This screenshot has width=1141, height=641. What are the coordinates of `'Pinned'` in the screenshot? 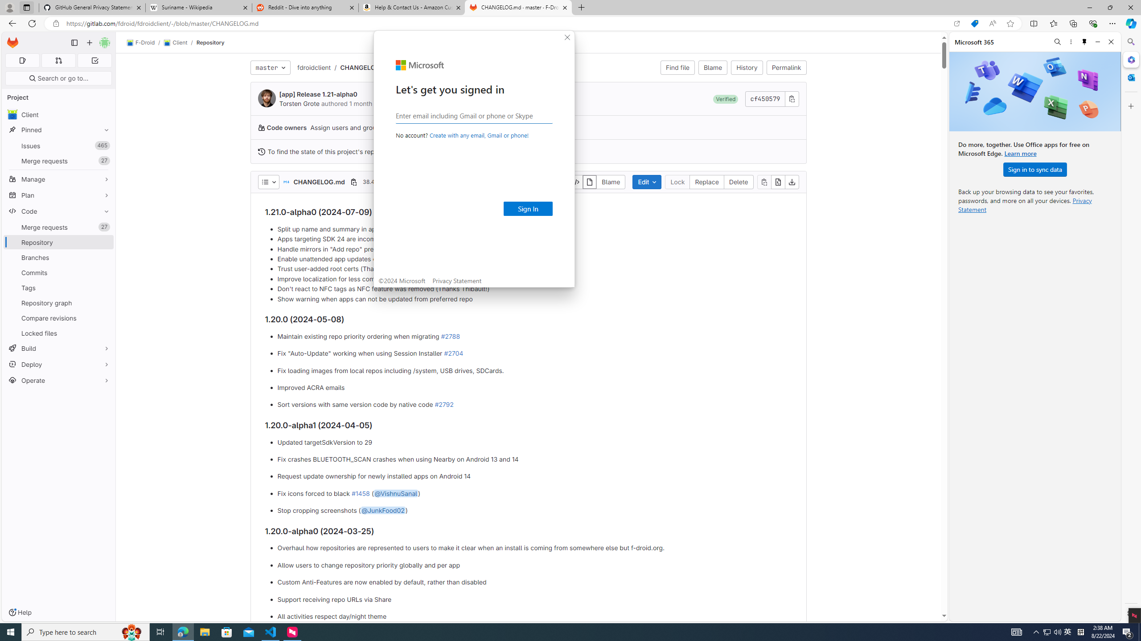 It's located at (58, 130).